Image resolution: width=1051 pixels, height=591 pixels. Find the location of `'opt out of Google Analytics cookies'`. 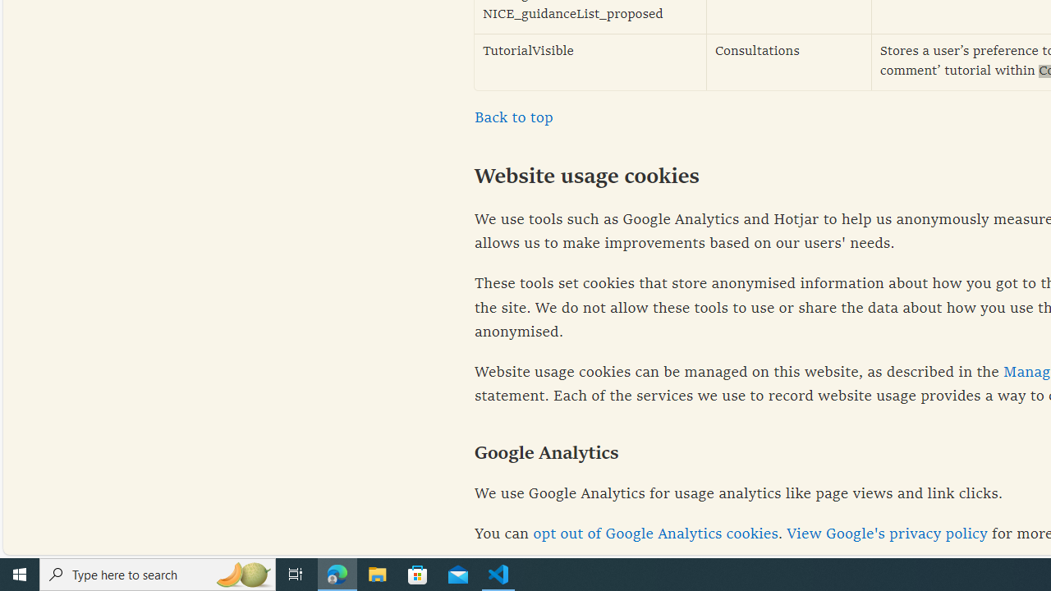

'opt out of Google Analytics cookies' is located at coordinates (654, 534).